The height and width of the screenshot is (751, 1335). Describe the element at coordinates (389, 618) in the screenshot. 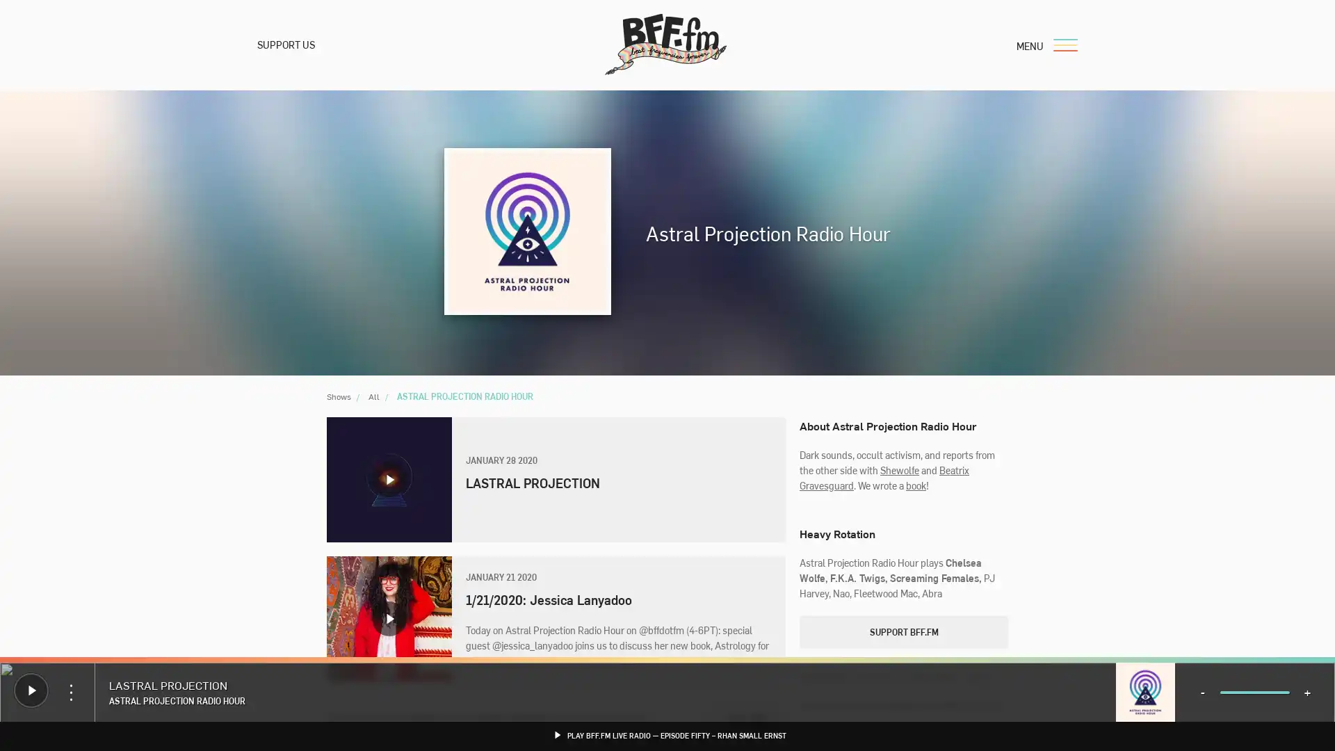

I see `Play` at that location.